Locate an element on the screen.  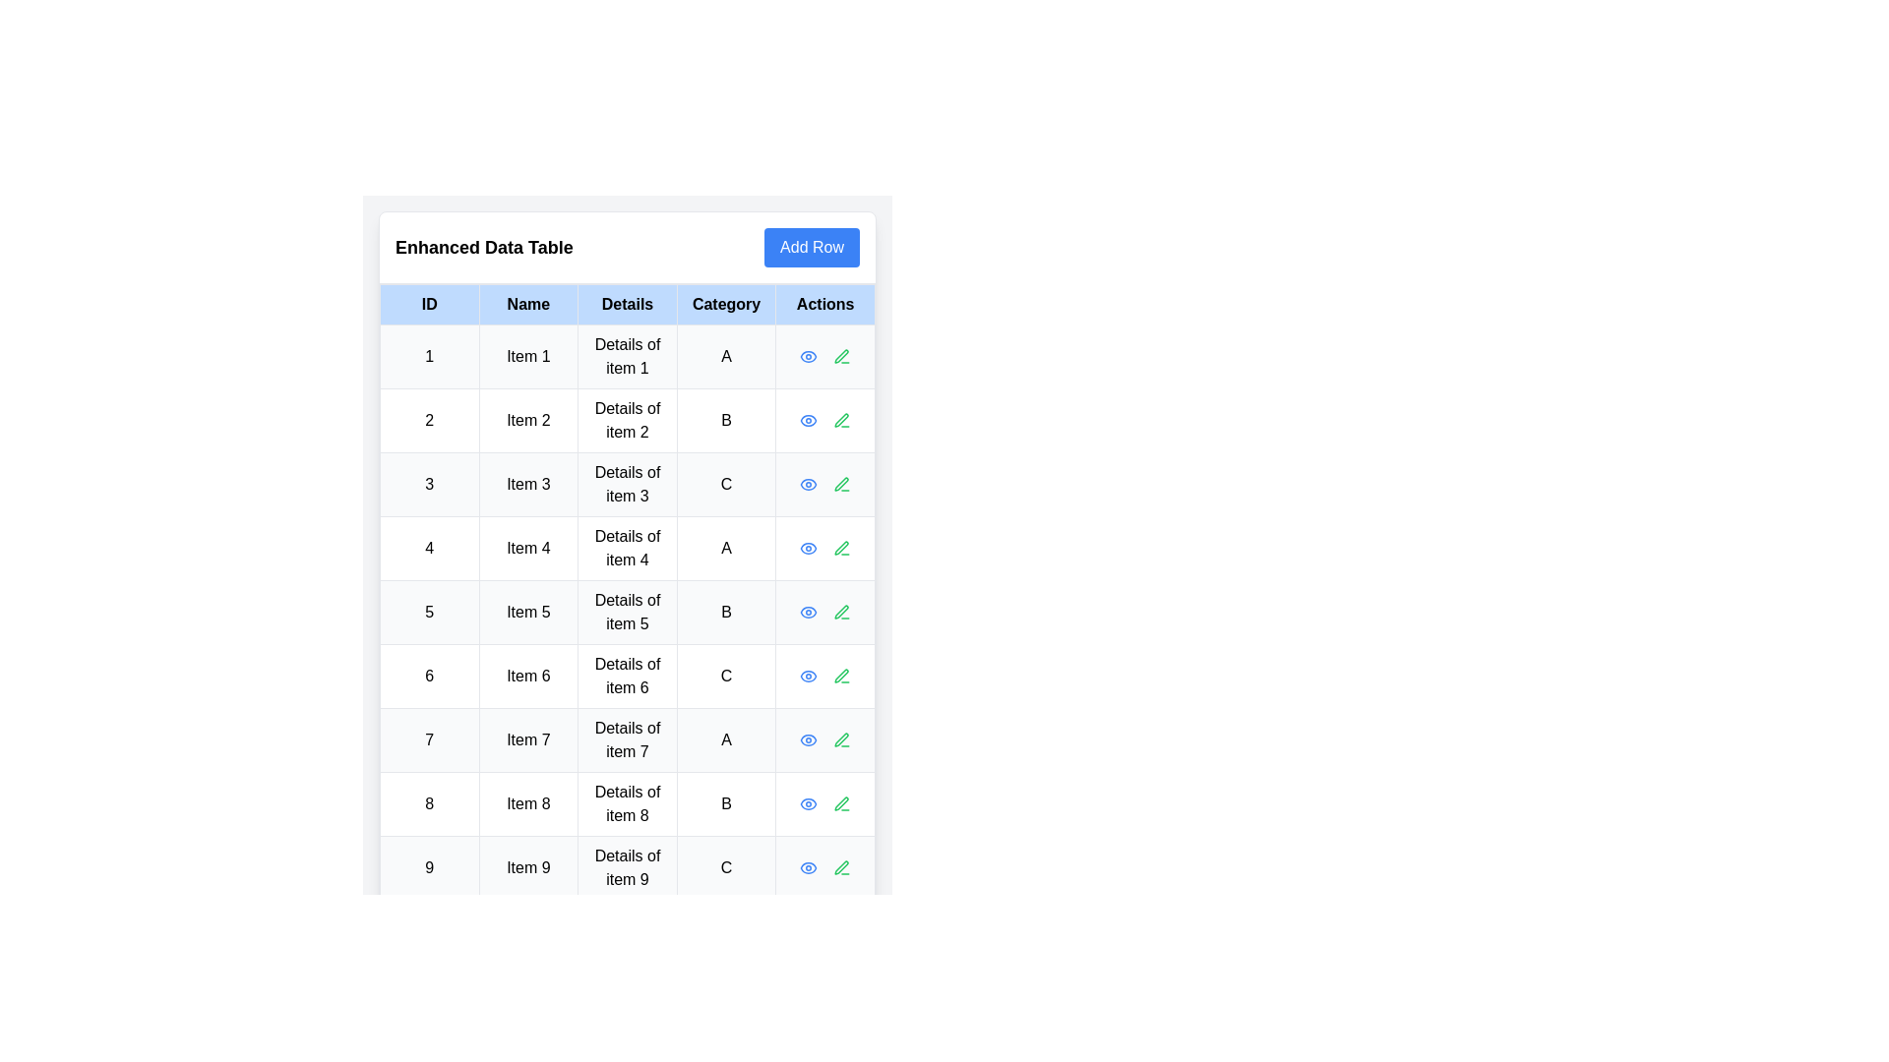
the blue eye-shaped button located in the 'Actions' column of the row labeled 'Item 9' and 'Category C' to invoke the details view is located at coordinates (809, 867).